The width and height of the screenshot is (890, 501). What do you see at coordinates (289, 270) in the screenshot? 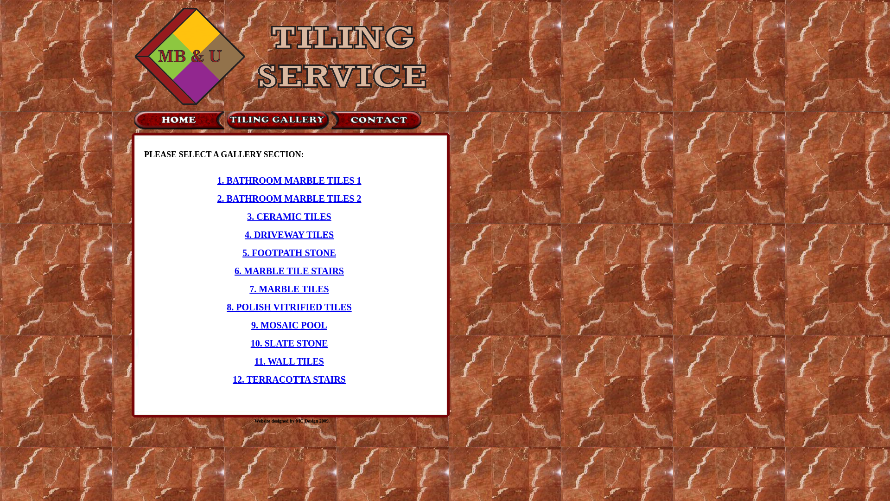
I see `'6. MARBLE TILE STAIRS'` at bounding box center [289, 270].